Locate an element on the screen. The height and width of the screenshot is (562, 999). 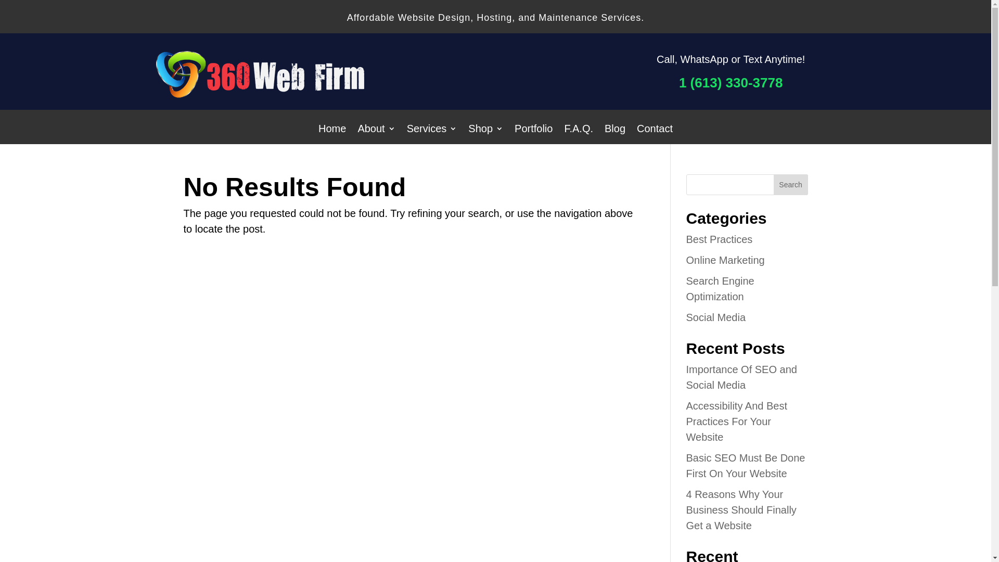
'Services' is located at coordinates (432, 130).